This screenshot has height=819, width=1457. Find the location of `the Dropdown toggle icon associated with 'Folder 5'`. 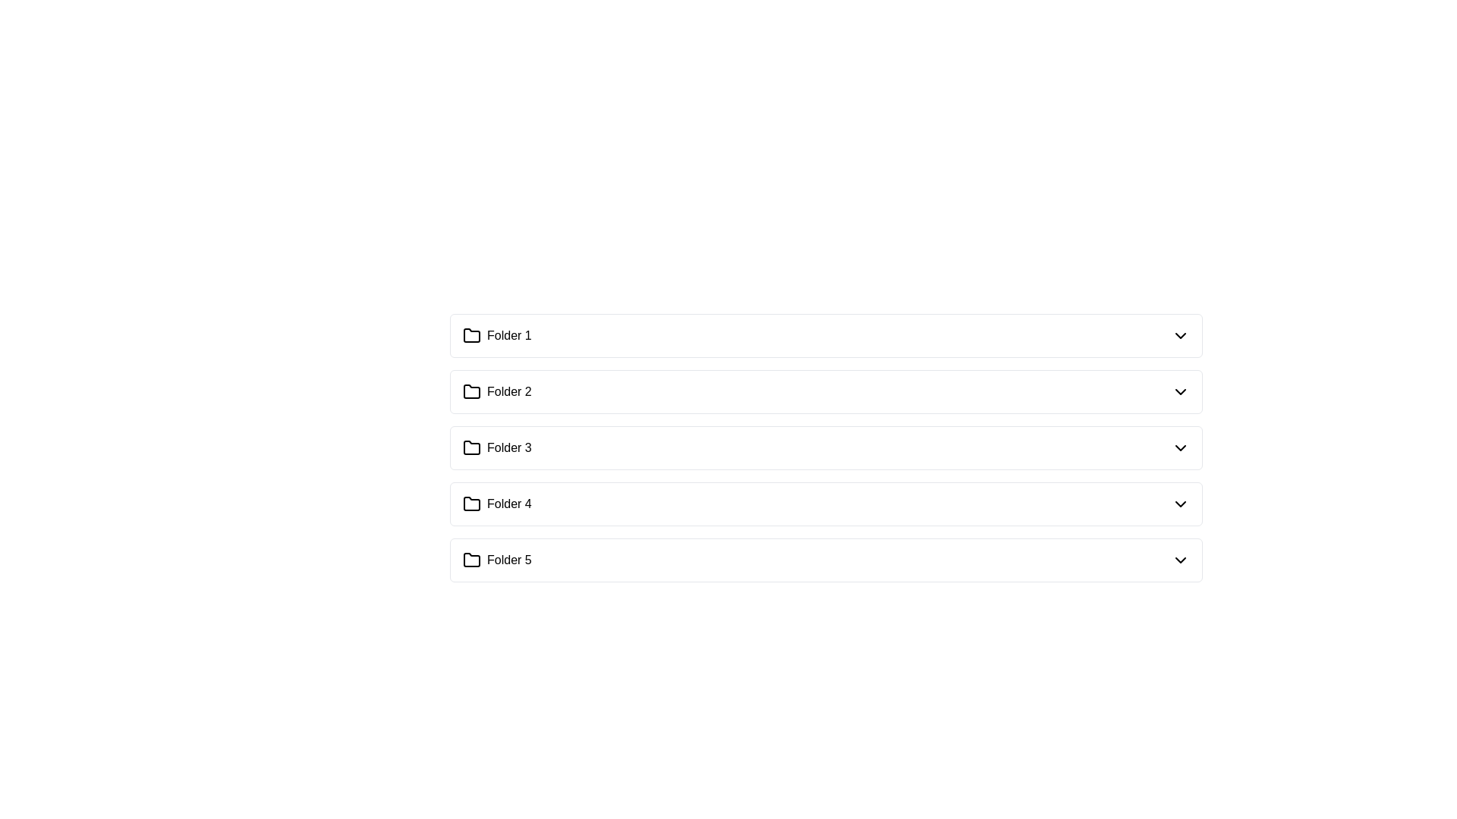

the Dropdown toggle icon associated with 'Folder 5' is located at coordinates (1179, 560).